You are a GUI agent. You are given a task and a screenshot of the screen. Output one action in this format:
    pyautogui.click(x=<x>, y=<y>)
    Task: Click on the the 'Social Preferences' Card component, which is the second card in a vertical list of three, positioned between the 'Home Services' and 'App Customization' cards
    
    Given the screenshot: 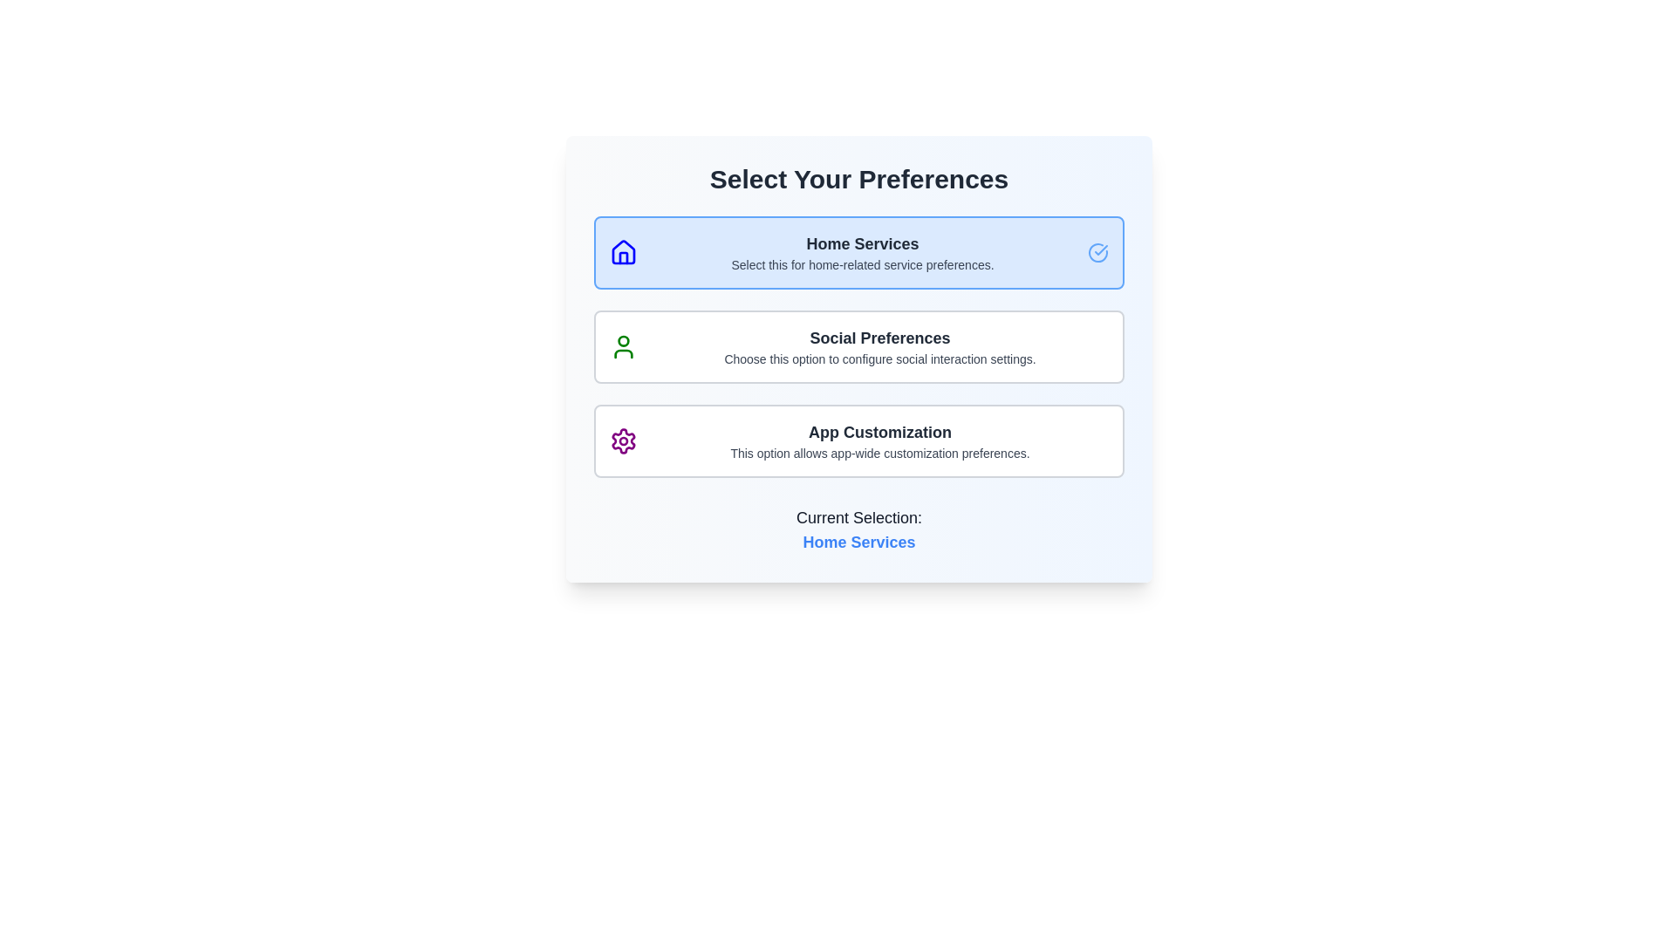 What is the action you would take?
    pyautogui.click(x=858, y=346)
    